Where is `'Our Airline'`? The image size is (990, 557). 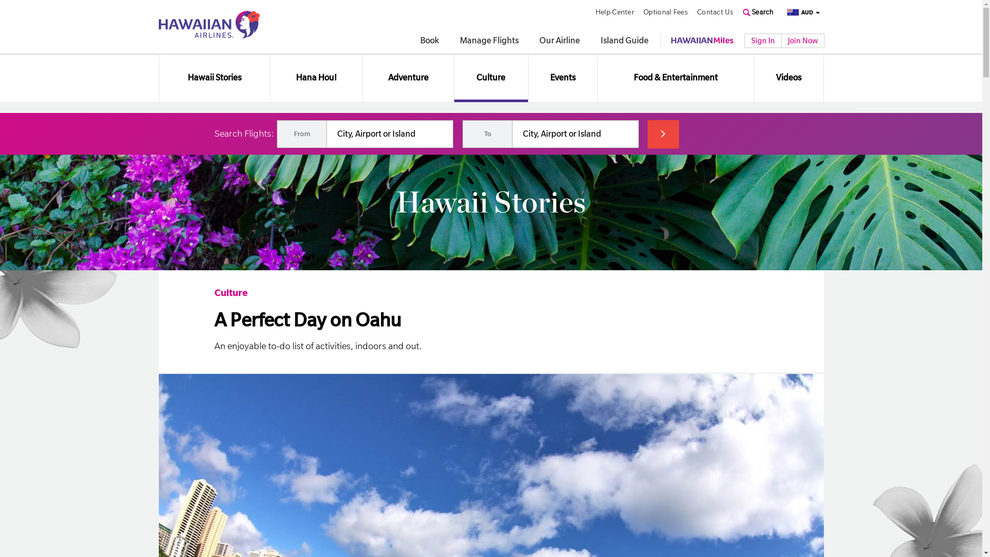 'Our Airline' is located at coordinates (539, 41).